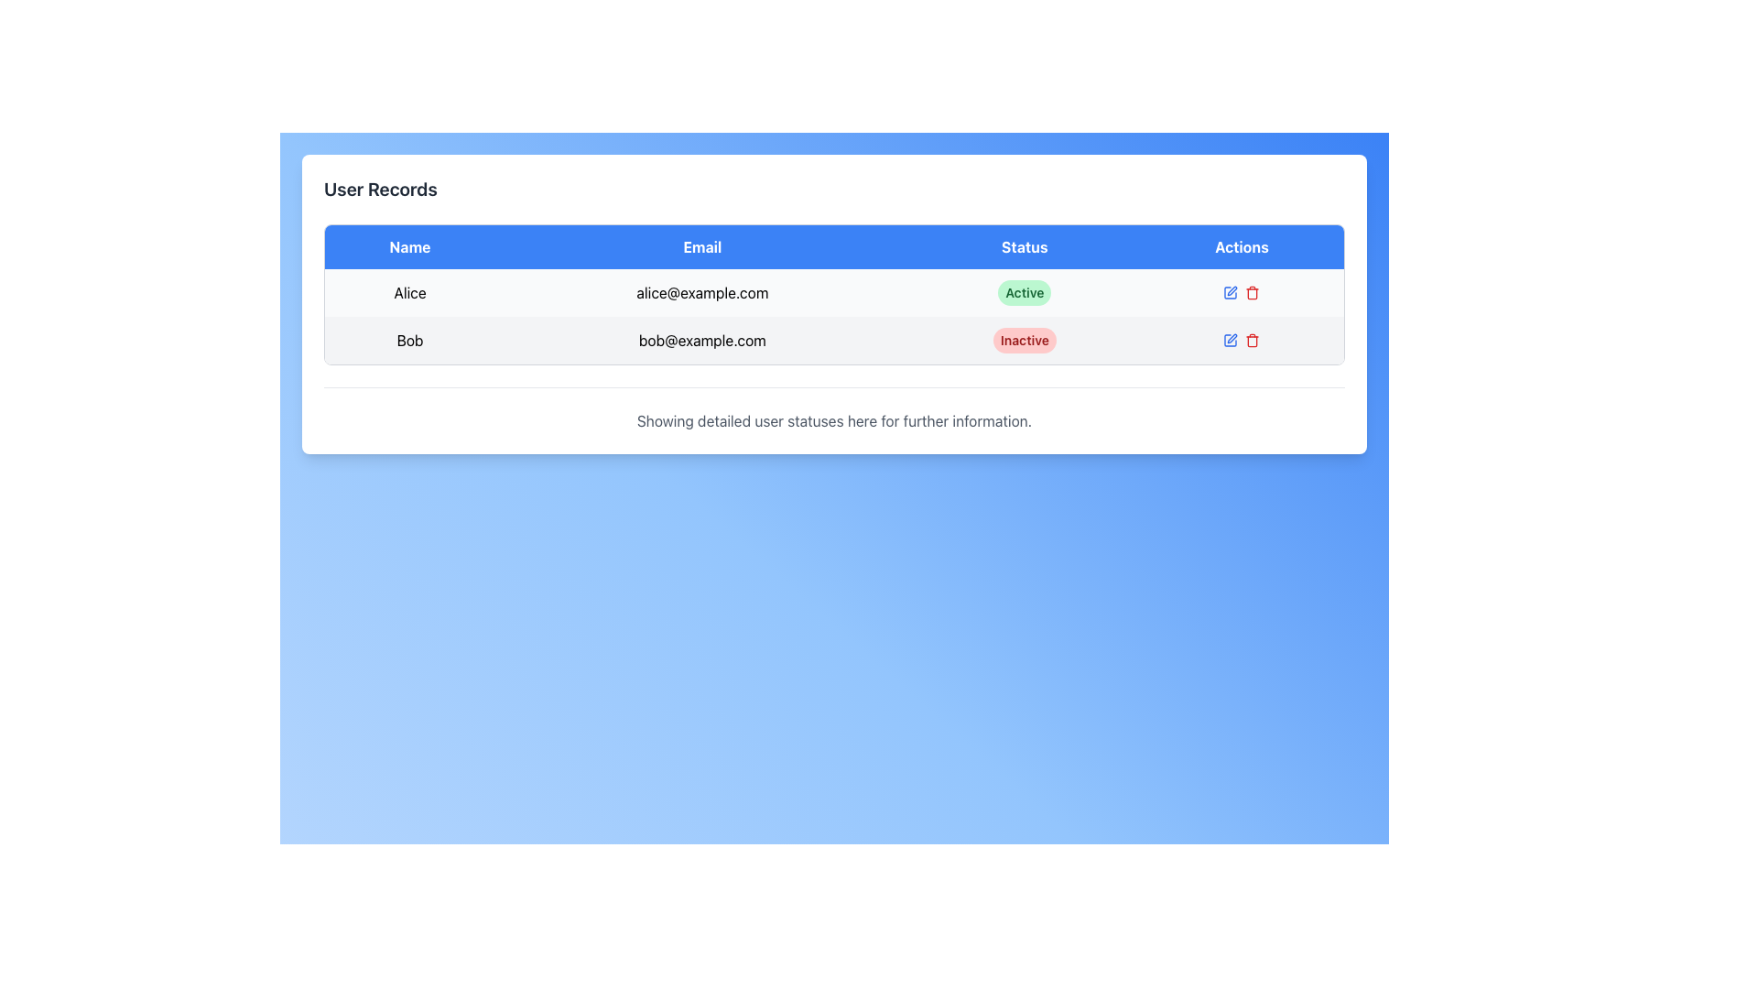  Describe the element at coordinates (1024, 340) in the screenshot. I see `the Status label styled as an oval badge displaying 'Inactive' in bold red characters, located in the second row of the 'User Records' table, associated with the email 'bob@example.com'` at that location.